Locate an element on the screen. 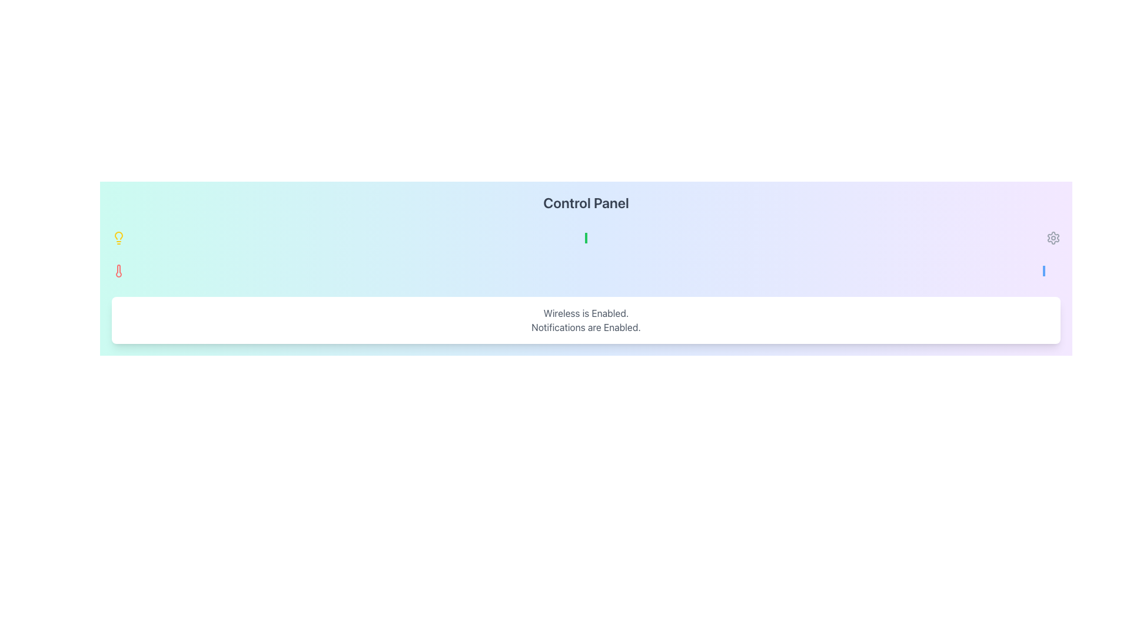  the gear-shaped icon representing the settings button located on the right end of the control panel is located at coordinates (1053, 238).